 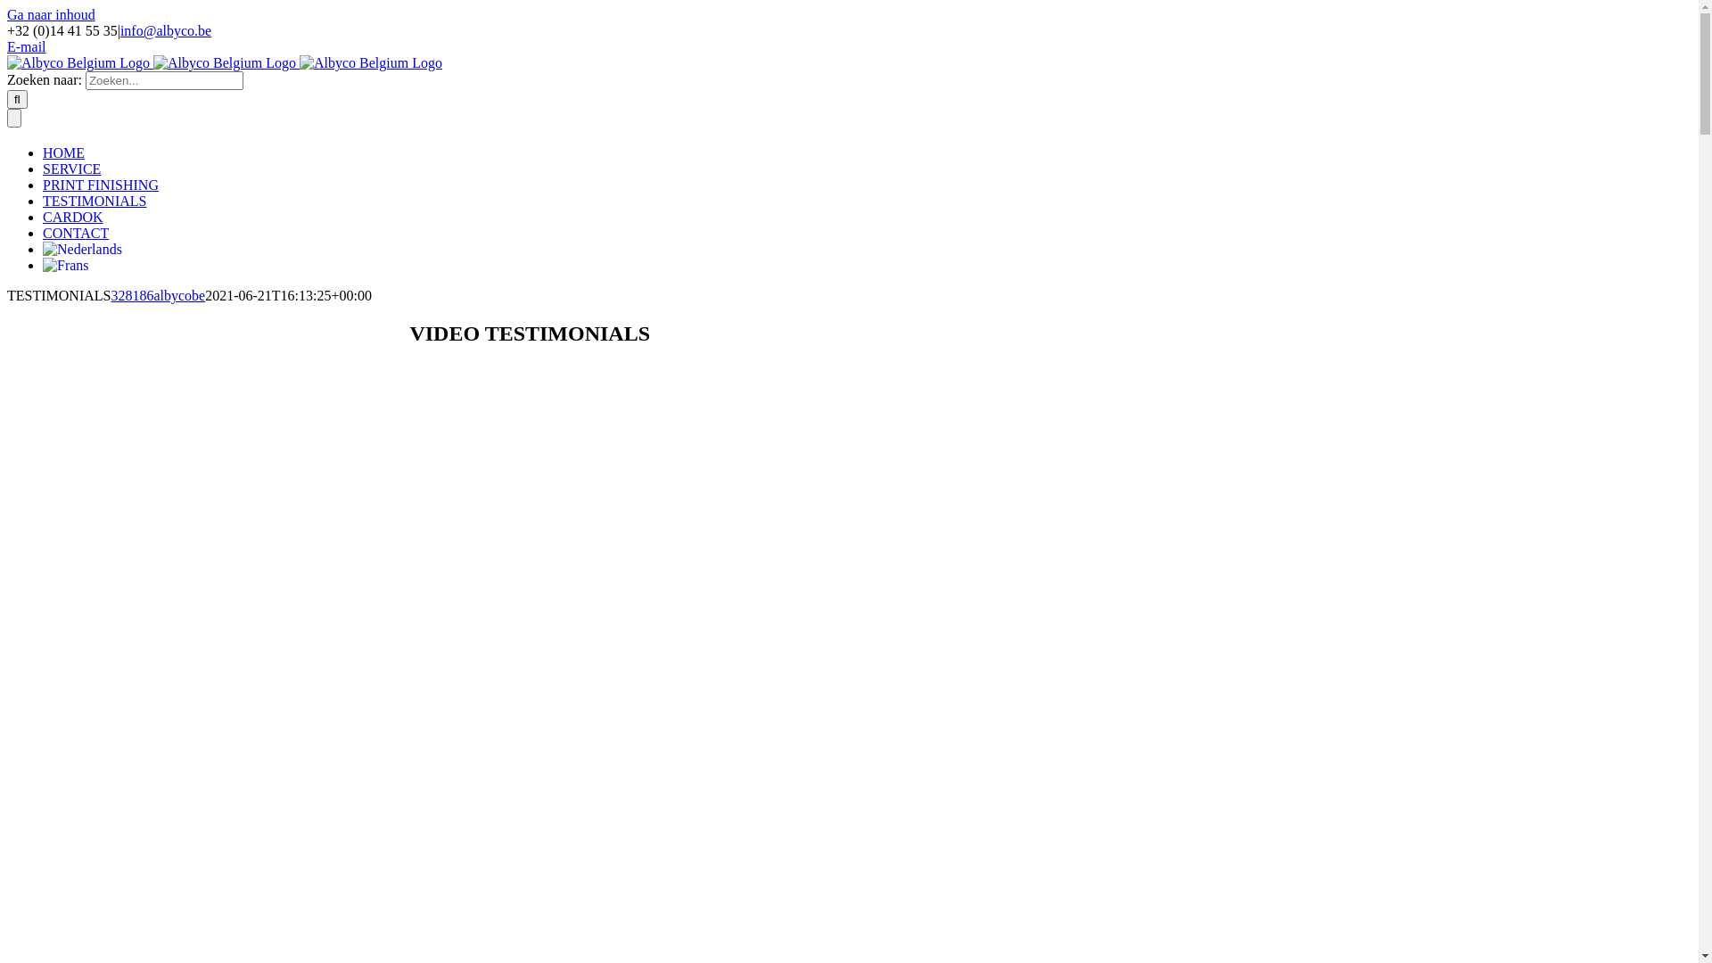 What do you see at coordinates (43, 152) in the screenshot?
I see `'HOME'` at bounding box center [43, 152].